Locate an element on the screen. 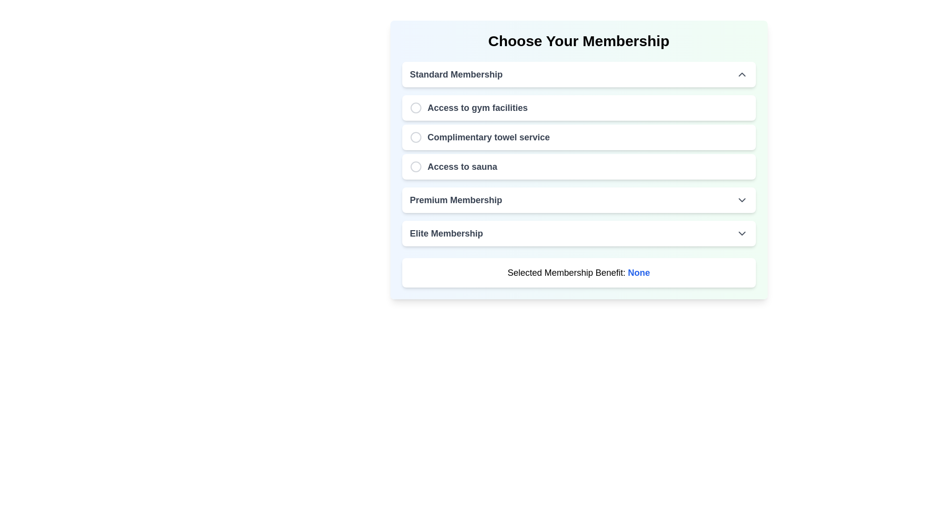 The height and width of the screenshot is (530, 943). the icon representing the third option in the 'Choose Your Membership' list is located at coordinates (416, 166).